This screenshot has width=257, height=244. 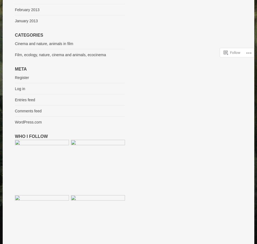 I want to click on 'Film, ecology, nature, cinema and animals, ecocinema', so click(x=15, y=55).